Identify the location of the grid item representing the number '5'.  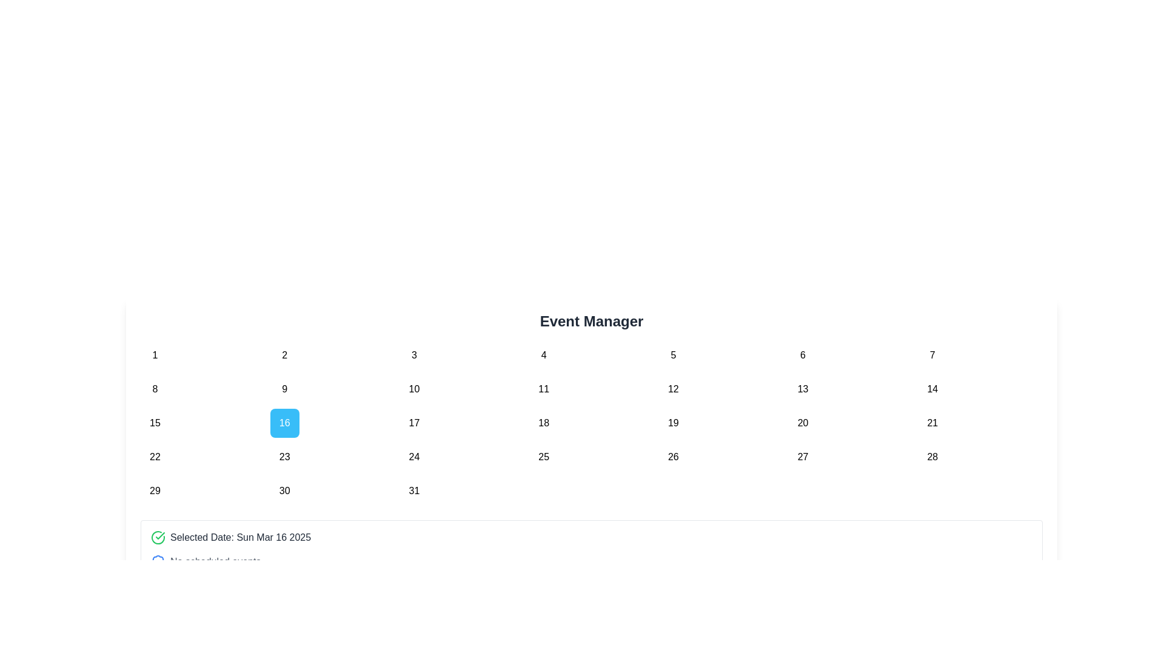
(672, 354).